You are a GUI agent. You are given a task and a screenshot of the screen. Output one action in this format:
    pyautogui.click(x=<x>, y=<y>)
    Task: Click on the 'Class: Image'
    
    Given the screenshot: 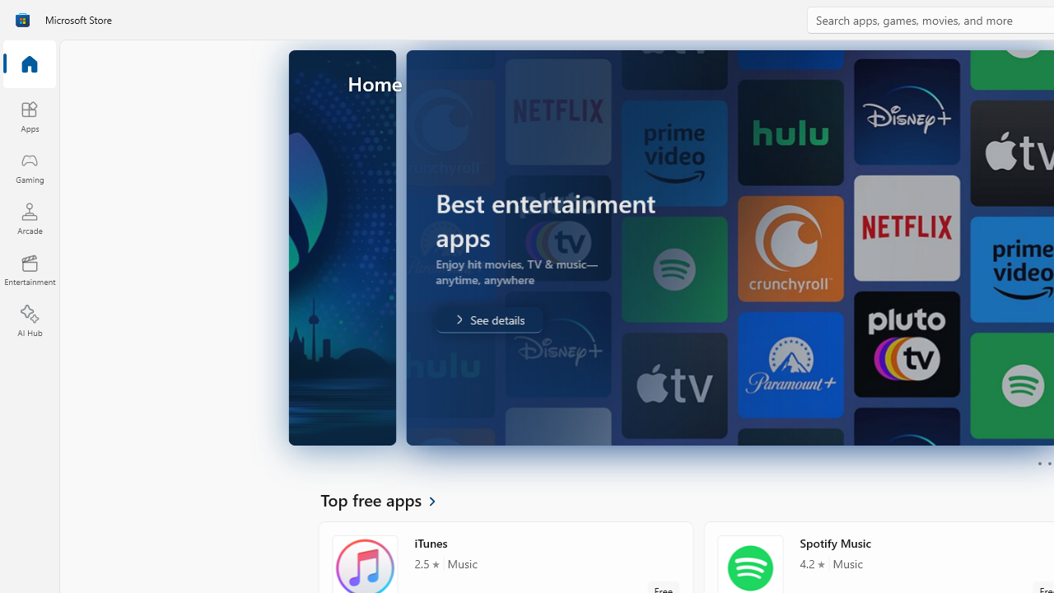 What is the action you would take?
    pyautogui.click(x=22, y=20)
    